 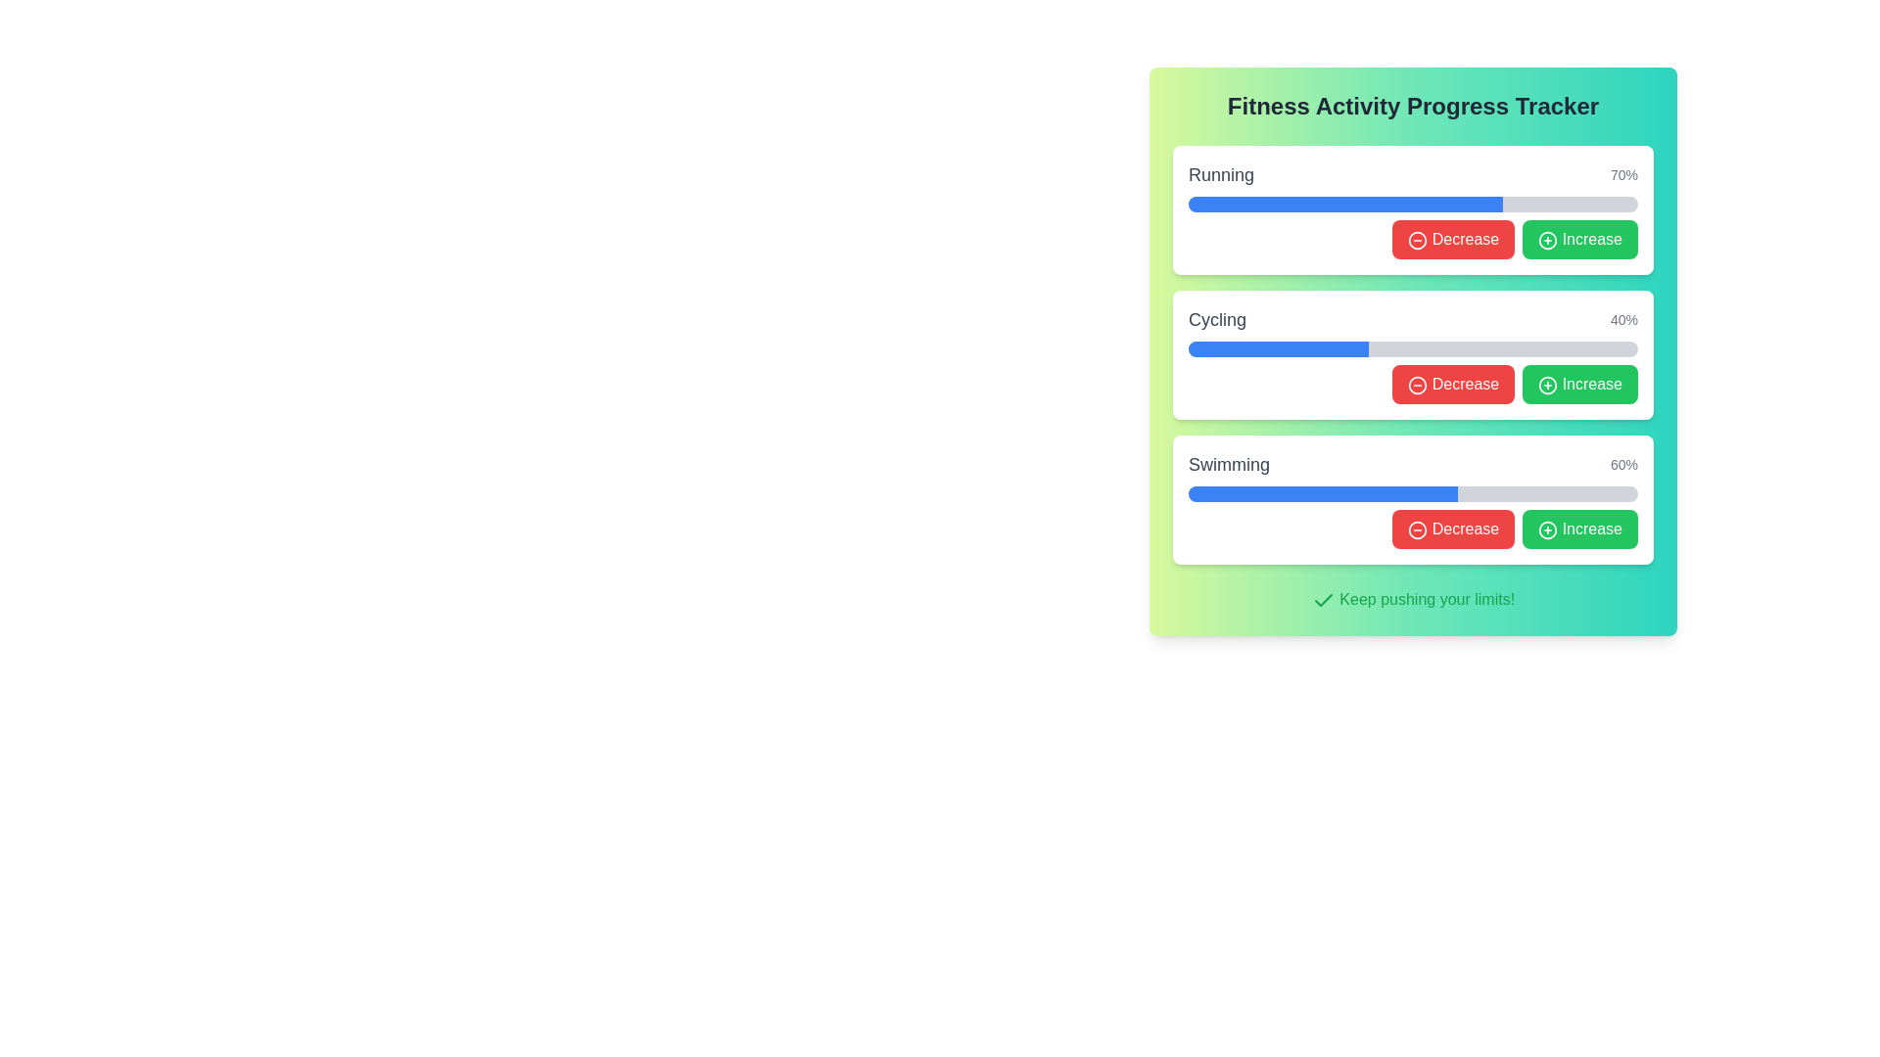 I want to click on the progress for cycling activity, so click(x=1223, y=348).